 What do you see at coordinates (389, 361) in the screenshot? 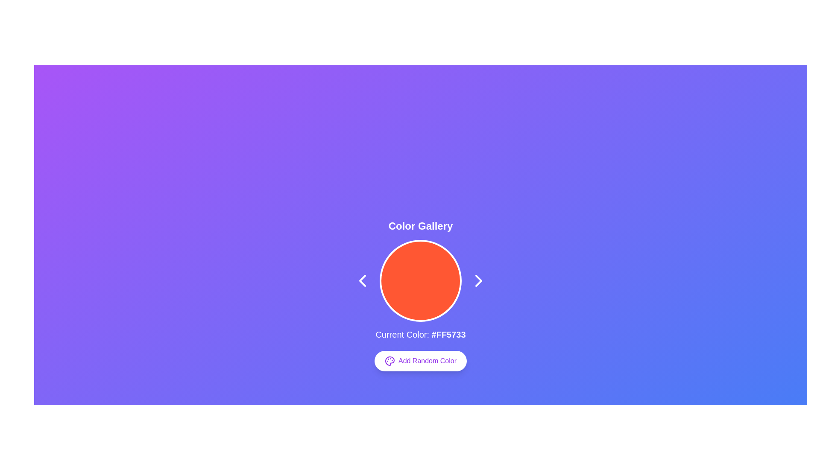
I see `the color selection icon located at the center of the display, which is part of a collection of graphical elements` at bounding box center [389, 361].